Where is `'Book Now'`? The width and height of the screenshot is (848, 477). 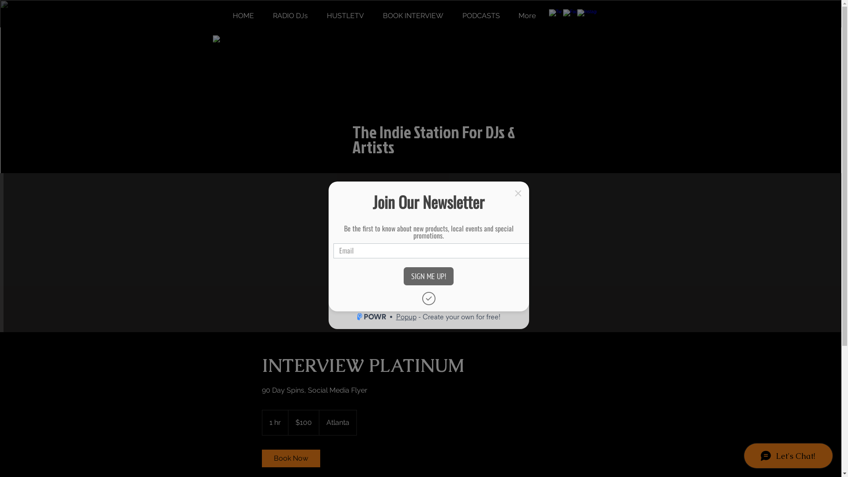
'Book Now' is located at coordinates (290, 458).